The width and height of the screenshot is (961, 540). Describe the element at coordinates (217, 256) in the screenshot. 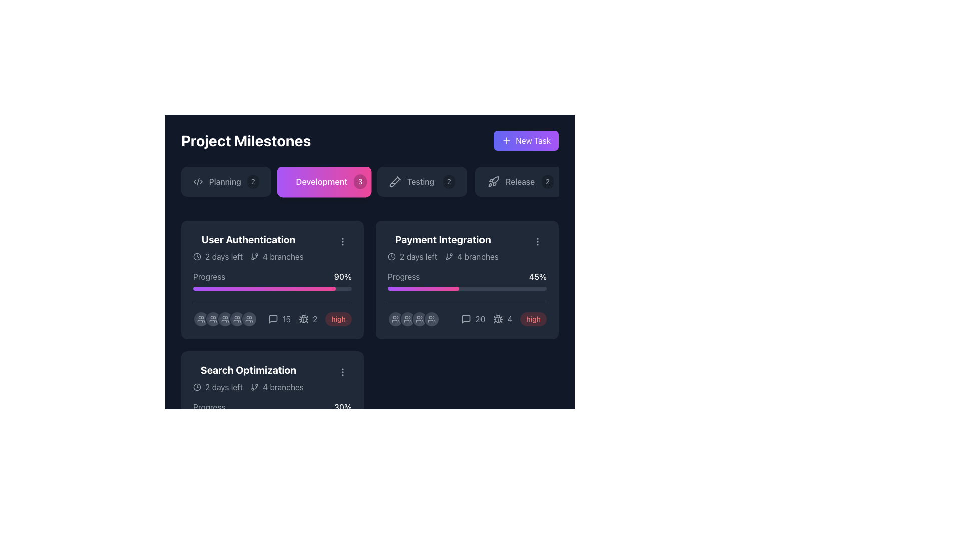

I see `temporal information about the task's deadline from the Text with an Icon located at the top left of the 'User Authentication' card` at that location.